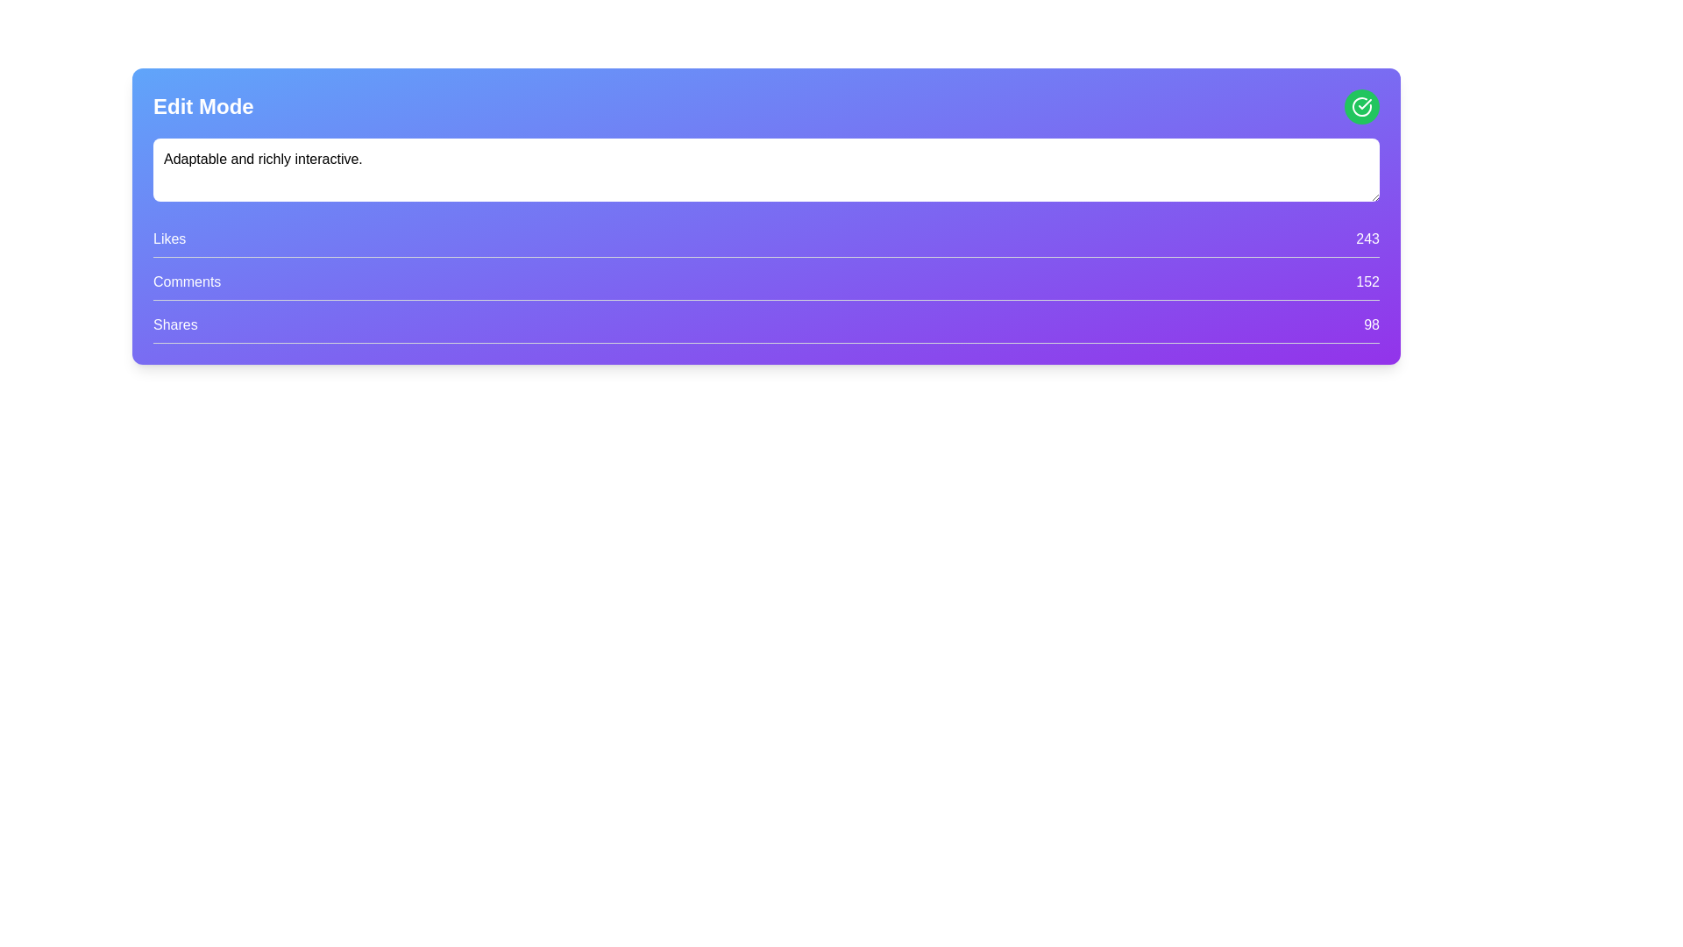  I want to click on the checkmark icon within the circular outline located in the top-right corner of the card-like component, so click(1364, 104).